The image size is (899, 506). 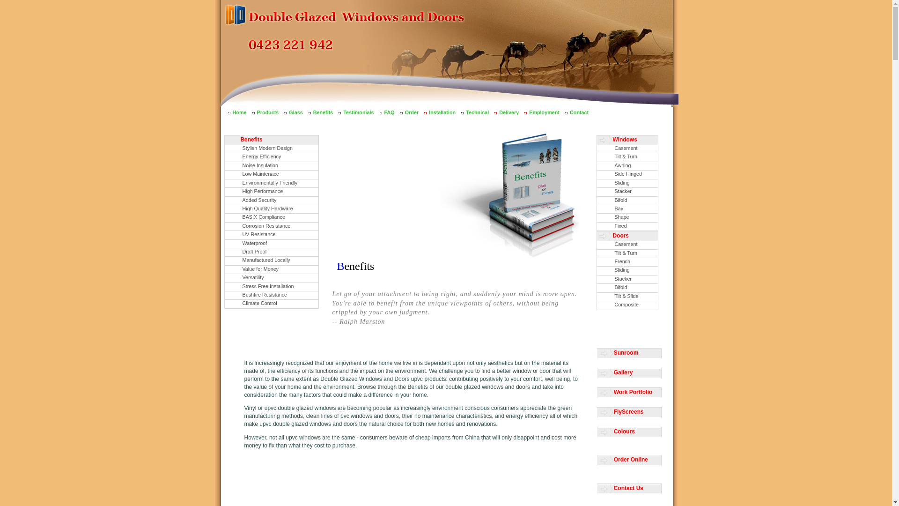 What do you see at coordinates (627, 208) in the screenshot?
I see `'Bay'` at bounding box center [627, 208].